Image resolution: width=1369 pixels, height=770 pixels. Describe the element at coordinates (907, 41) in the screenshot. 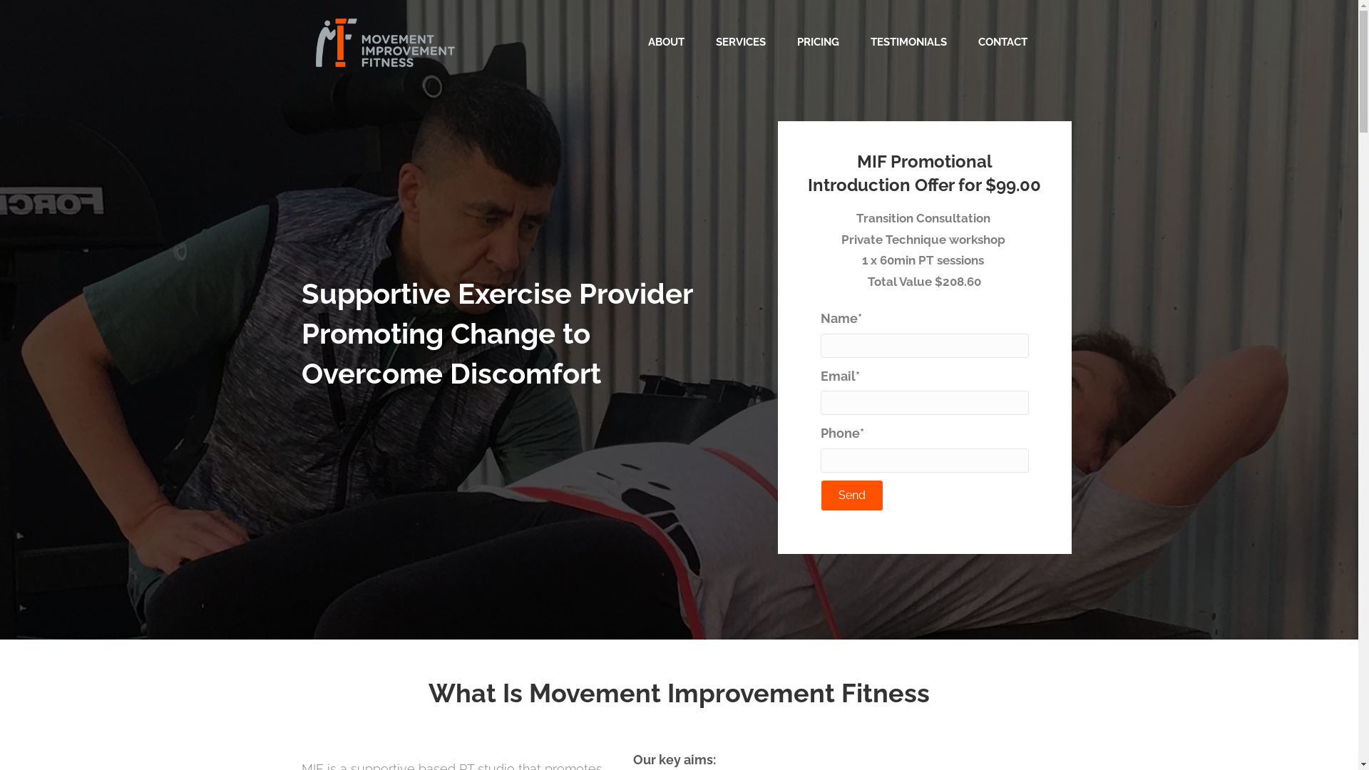

I see `'TESTIMONIALS'` at that location.